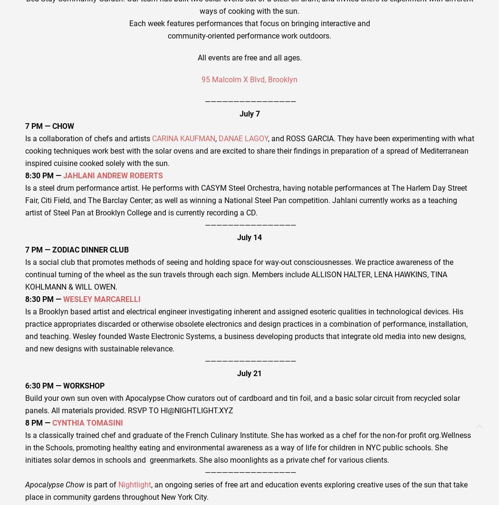 This screenshot has height=505, width=499. Describe the element at coordinates (24, 484) in the screenshot. I see `'Apocalypse Chow'` at that location.